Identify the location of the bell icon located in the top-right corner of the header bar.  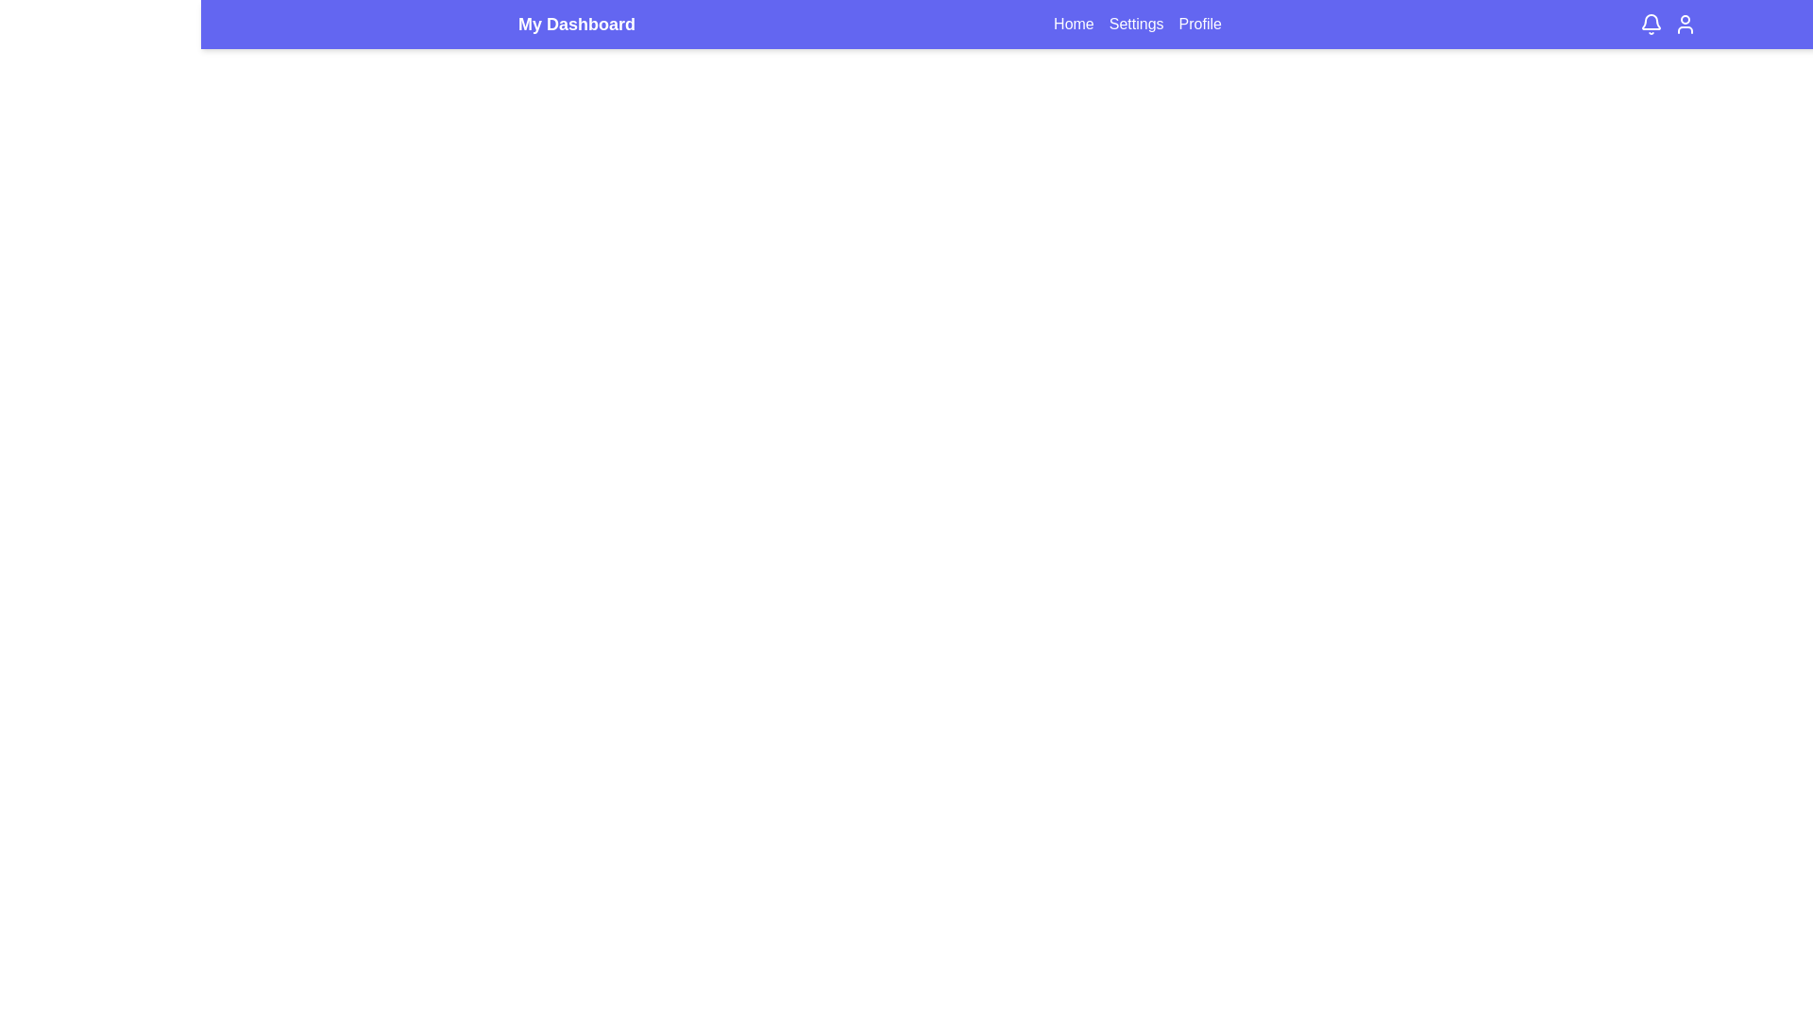
(1668, 25).